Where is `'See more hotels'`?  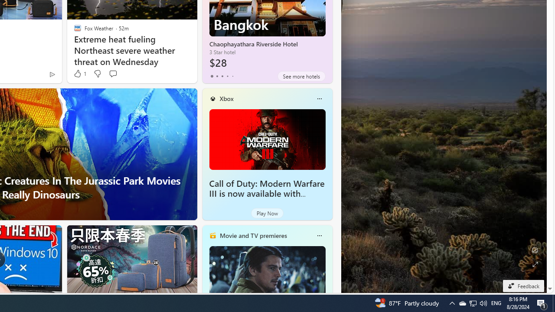 'See more hotels' is located at coordinates (301, 76).